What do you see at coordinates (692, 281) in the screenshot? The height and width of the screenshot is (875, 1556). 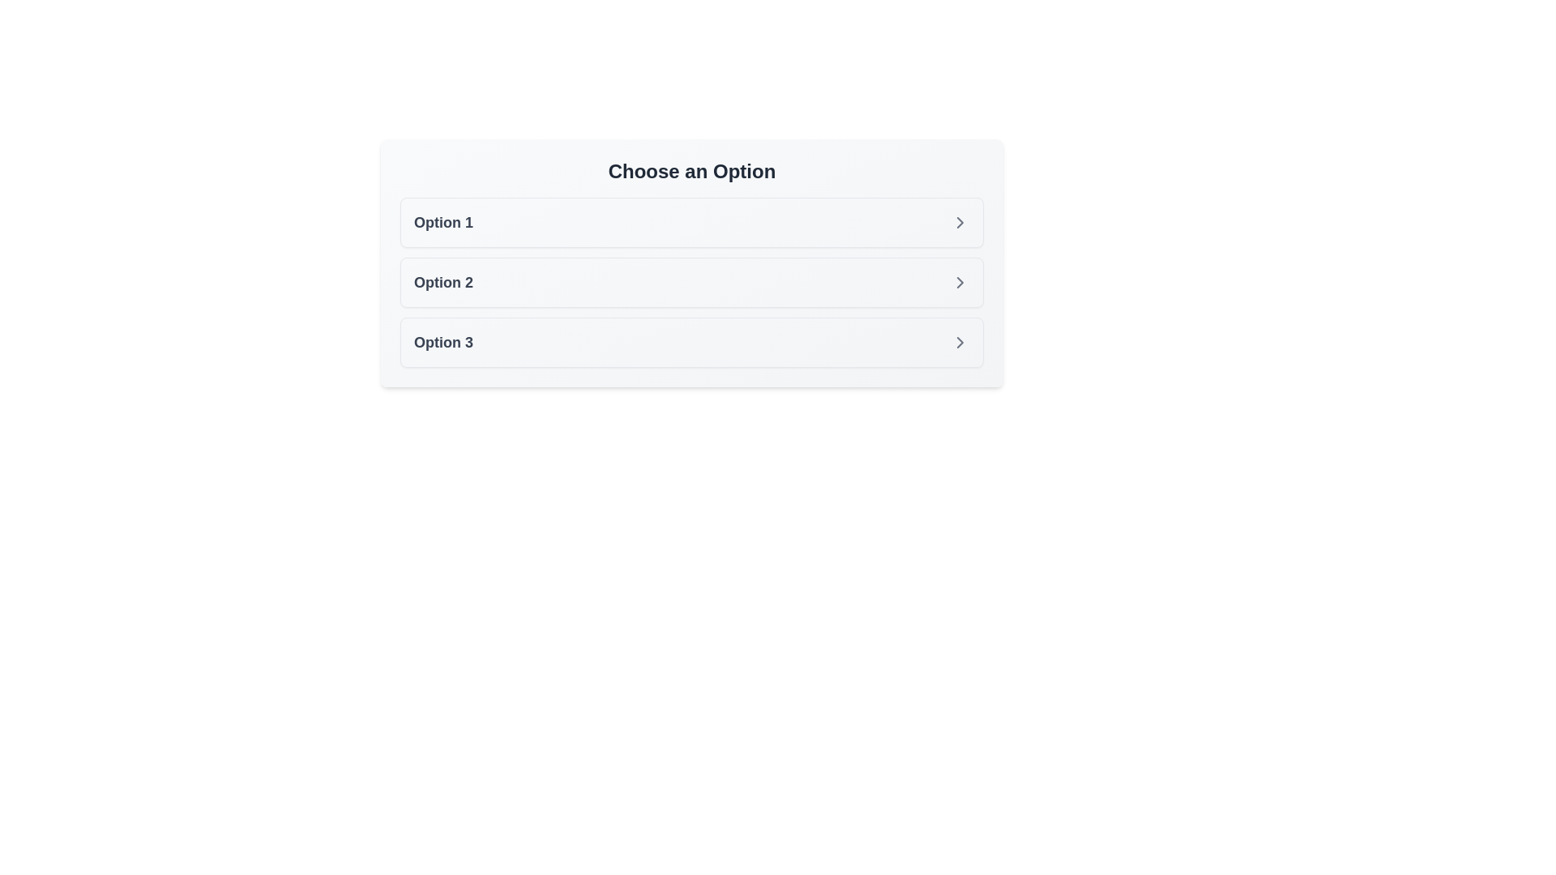 I see `the 'Option 2' card, which is the middle card in a vertical stack of three cards` at bounding box center [692, 281].